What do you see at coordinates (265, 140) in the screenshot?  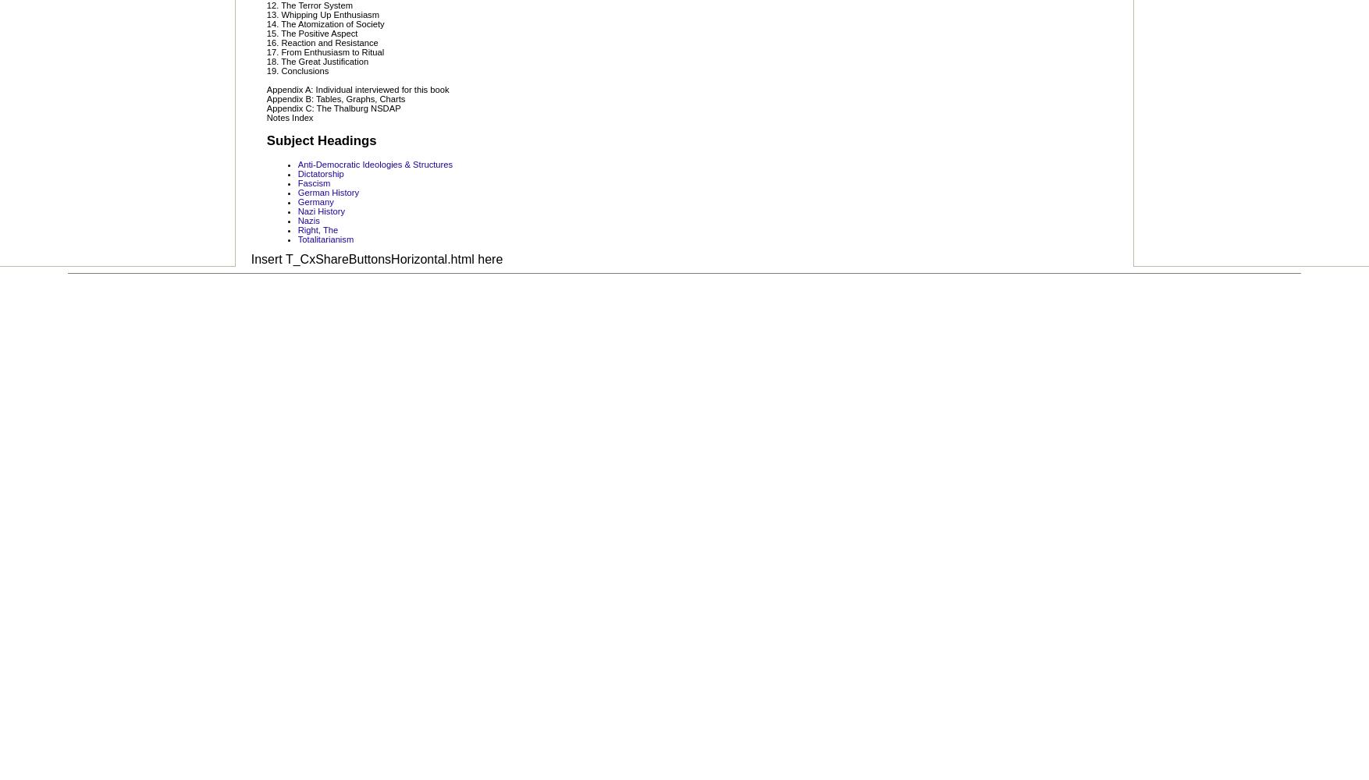 I see `'Subject Headings'` at bounding box center [265, 140].